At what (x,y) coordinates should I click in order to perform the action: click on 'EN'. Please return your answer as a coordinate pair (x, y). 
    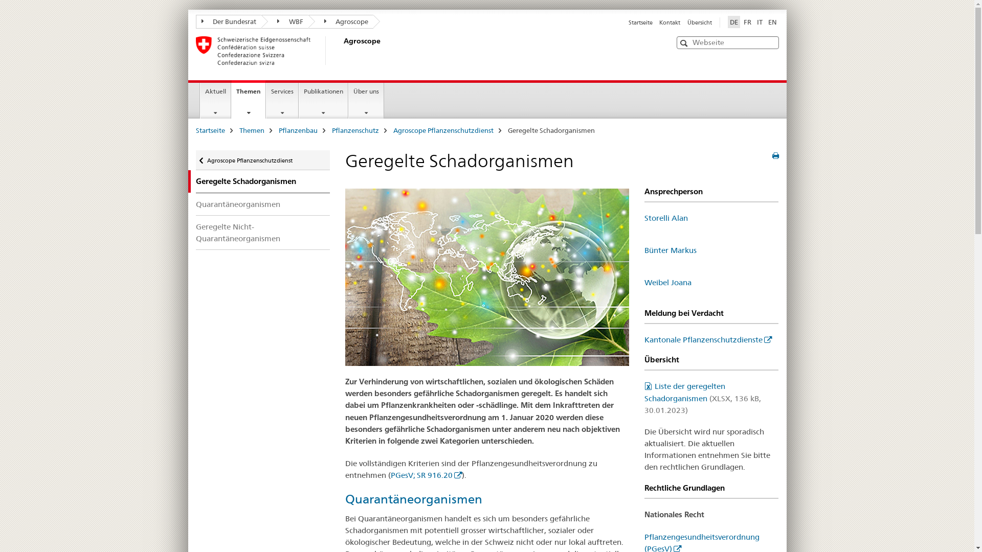
    Looking at the image, I should click on (772, 21).